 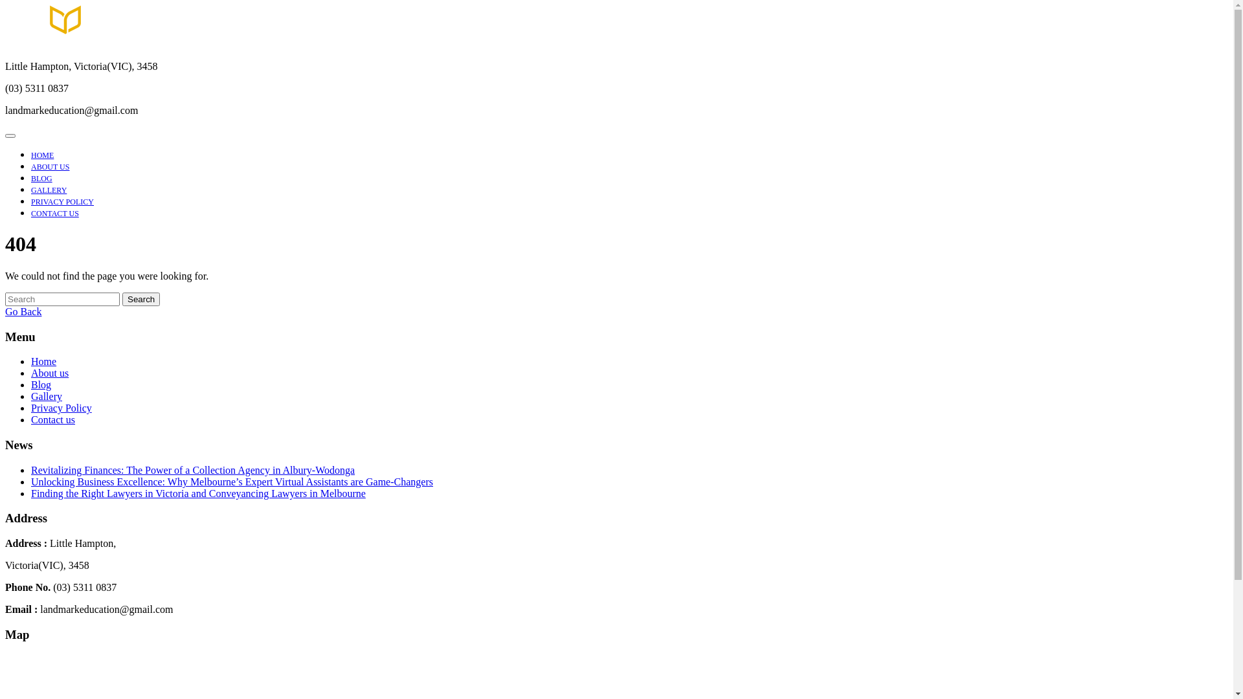 What do you see at coordinates (42, 154) in the screenshot?
I see `'HOME'` at bounding box center [42, 154].